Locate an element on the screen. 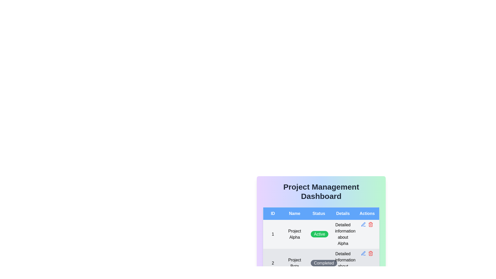  the deletion button located as the second interactive icon in the 'Actions' column of the table row for 'Project Beta' is located at coordinates (370, 253).